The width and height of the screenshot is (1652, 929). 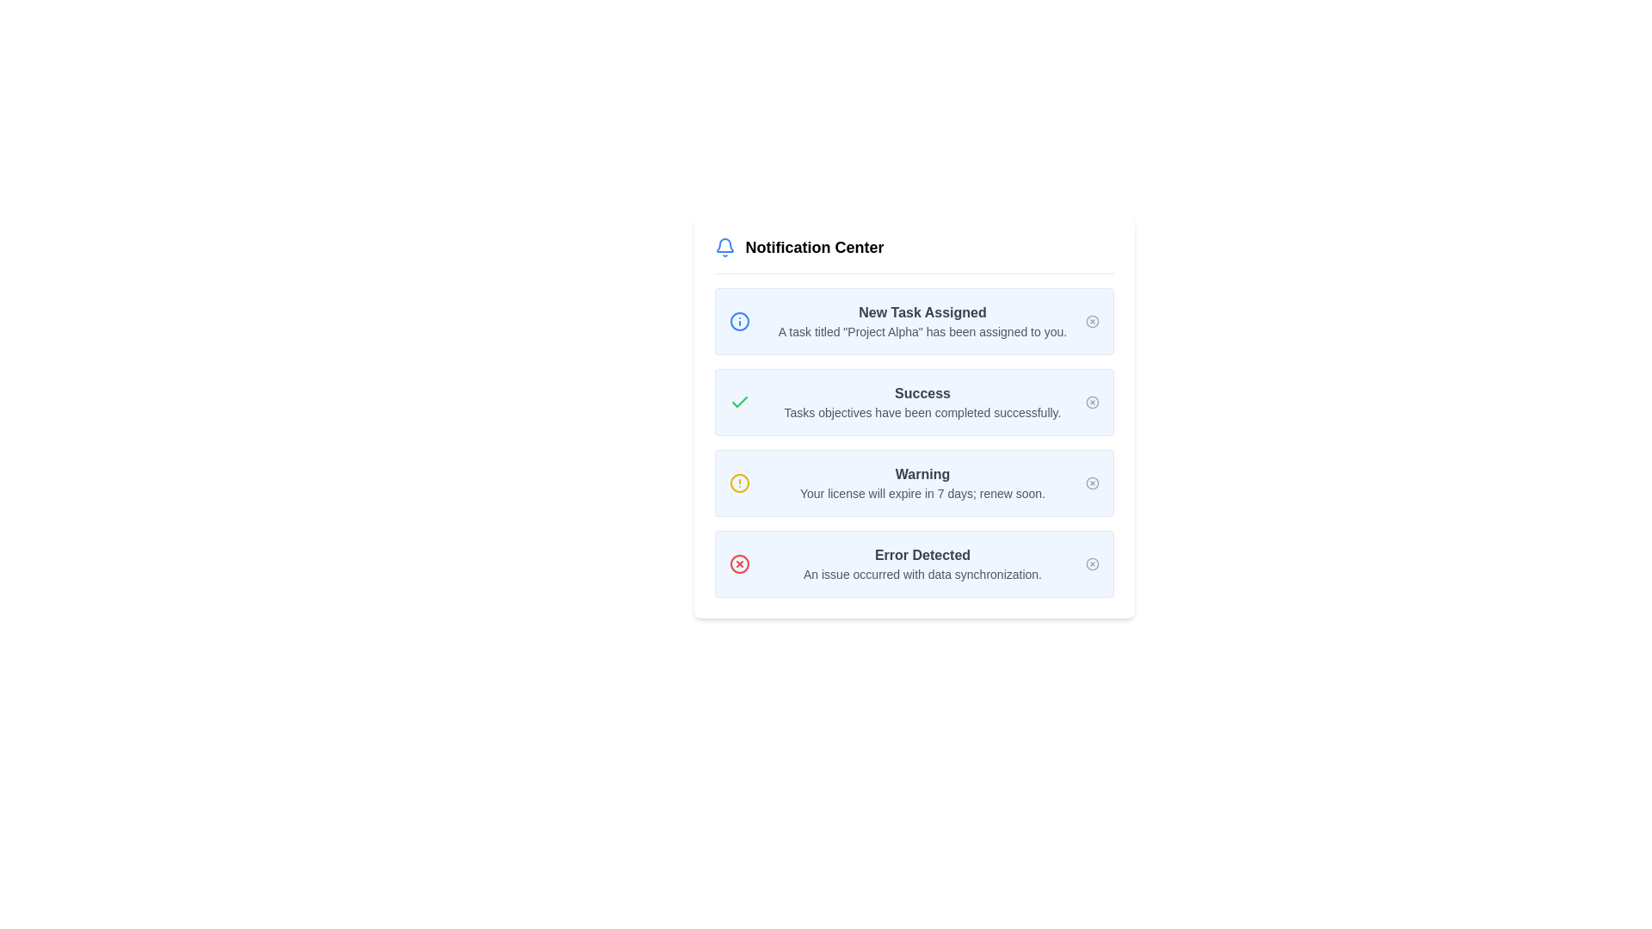 I want to click on the close button located at the top-right corner of the 'New Task Assigned' notification card to change its color, so click(x=1091, y=322).